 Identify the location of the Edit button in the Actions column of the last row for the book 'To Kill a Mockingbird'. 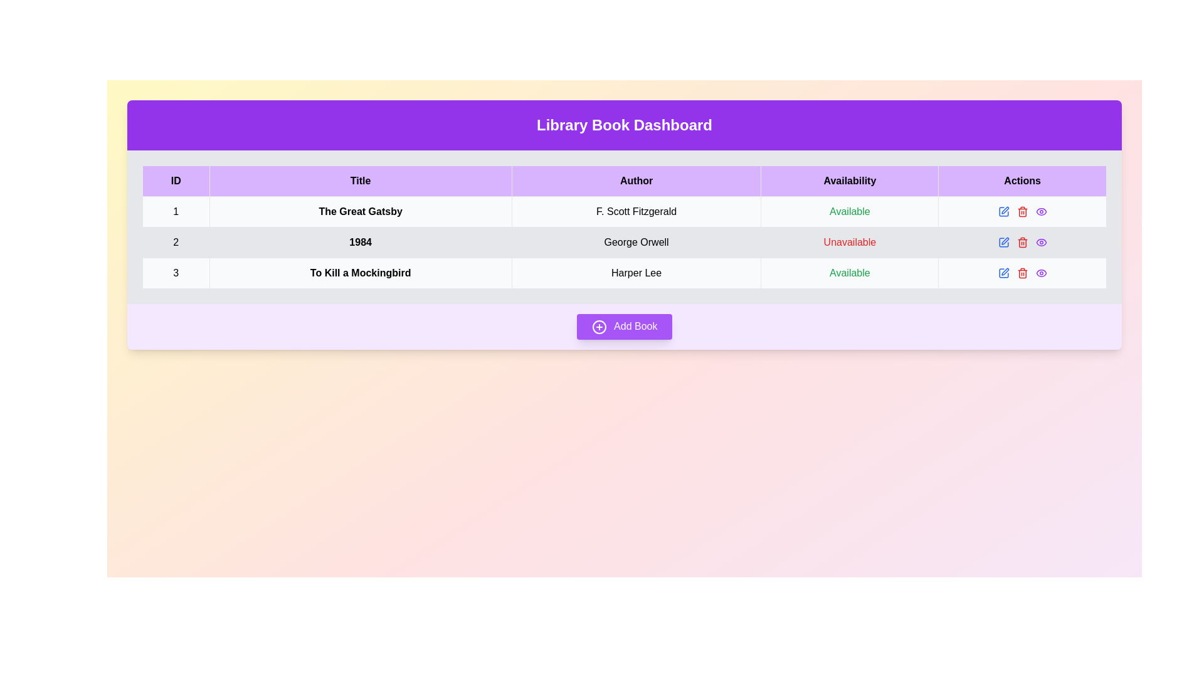
(1005, 270).